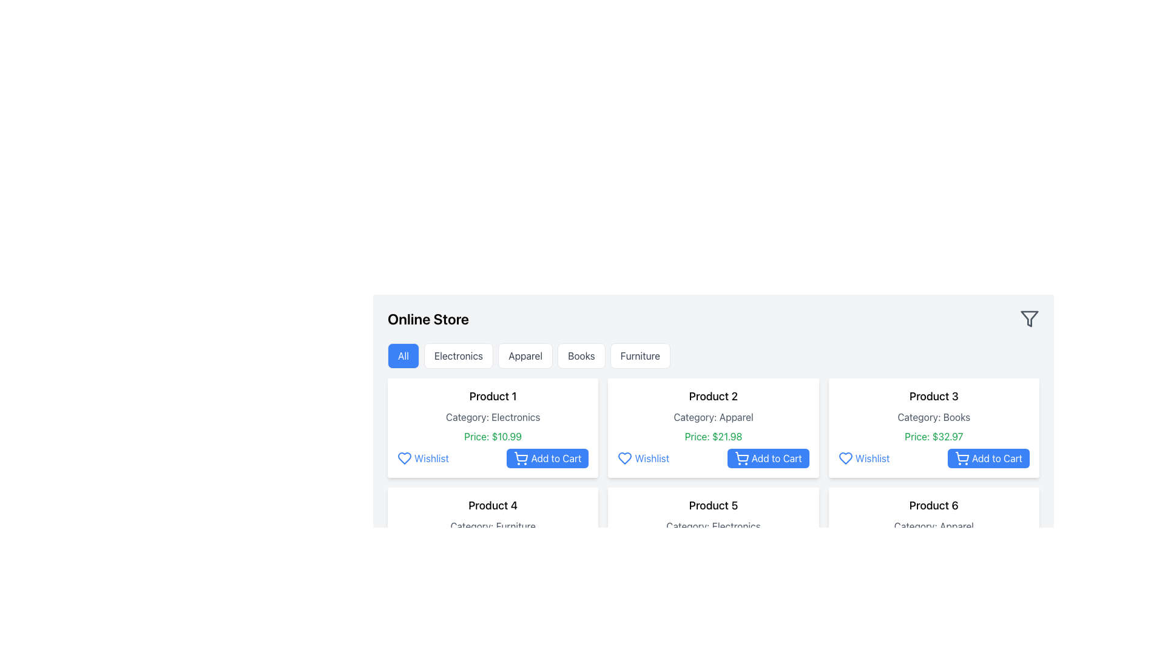 This screenshot has width=1165, height=655. What do you see at coordinates (714, 397) in the screenshot?
I see `the title or name of the product in the second product card, which is a static text element located at the top-middle section of the card` at bounding box center [714, 397].